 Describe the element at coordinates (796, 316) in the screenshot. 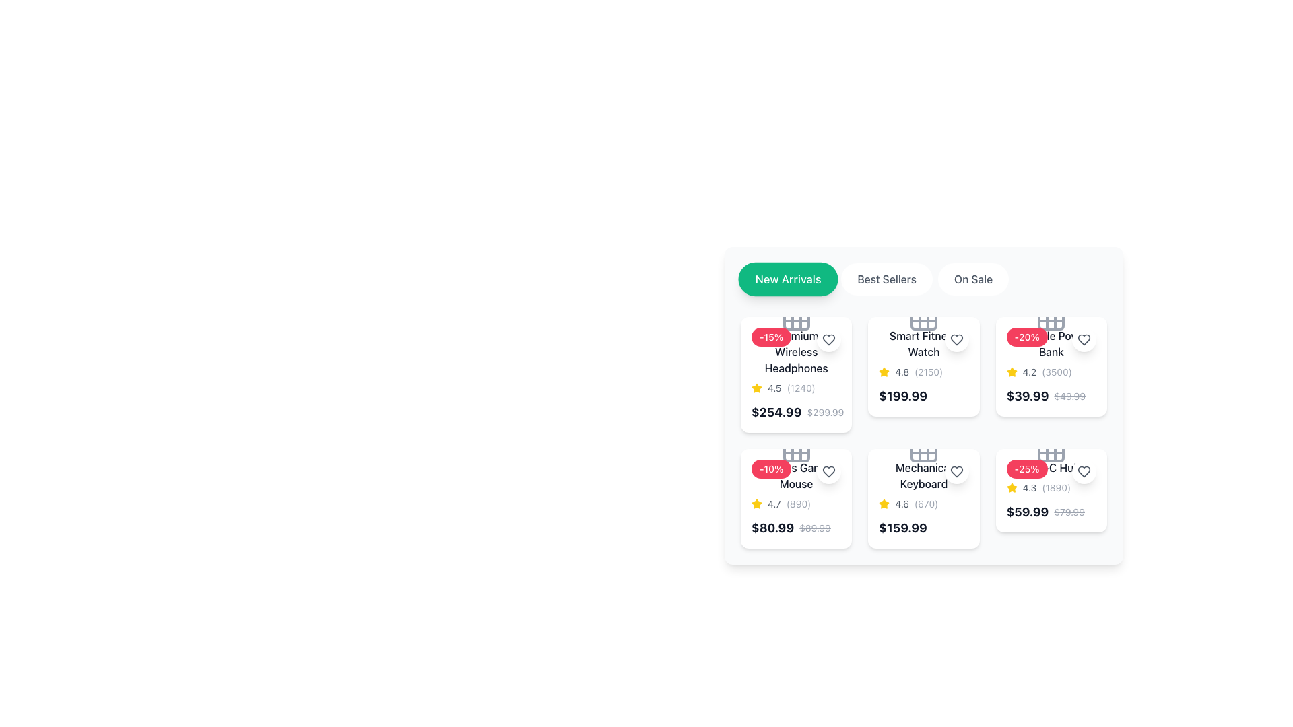

I see `the top-left visual indicator of the grid within the Premium Wireless Headphones icon, located near the discount tag` at that location.